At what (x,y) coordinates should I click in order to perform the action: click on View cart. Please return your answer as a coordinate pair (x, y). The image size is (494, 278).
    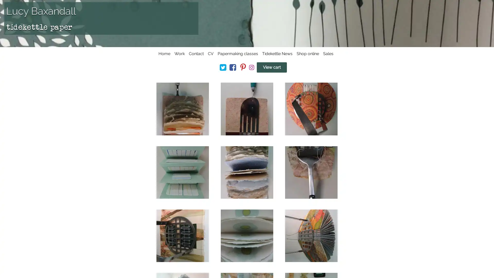
    Looking at the image, I should click on (271, 67).